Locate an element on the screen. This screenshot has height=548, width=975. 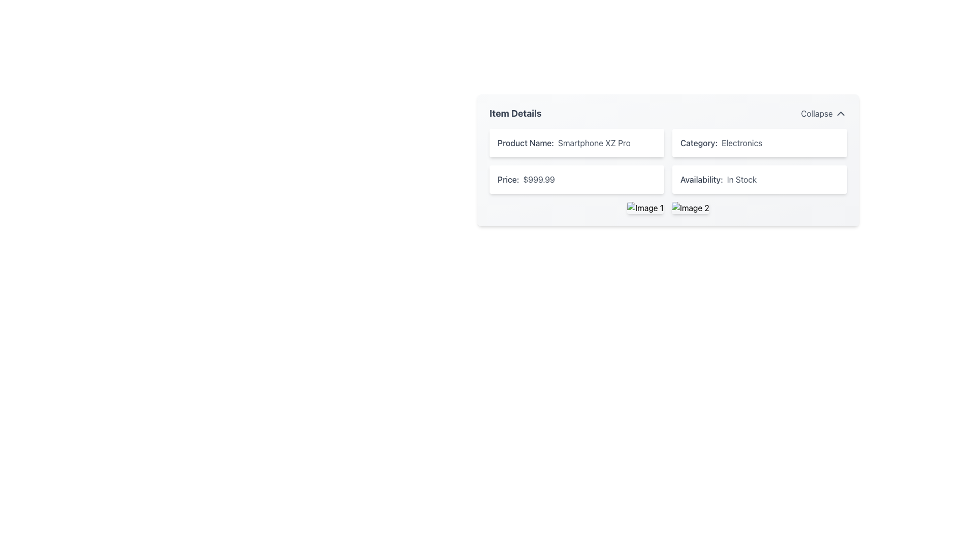
the Text Label displaying the product category, positioned in the top-right corner of the grid layout, adjacent to the 'Product Name: Smartphone XZ Pro' and above 'Availability: In Stock' is located at coordinates (760, 143).